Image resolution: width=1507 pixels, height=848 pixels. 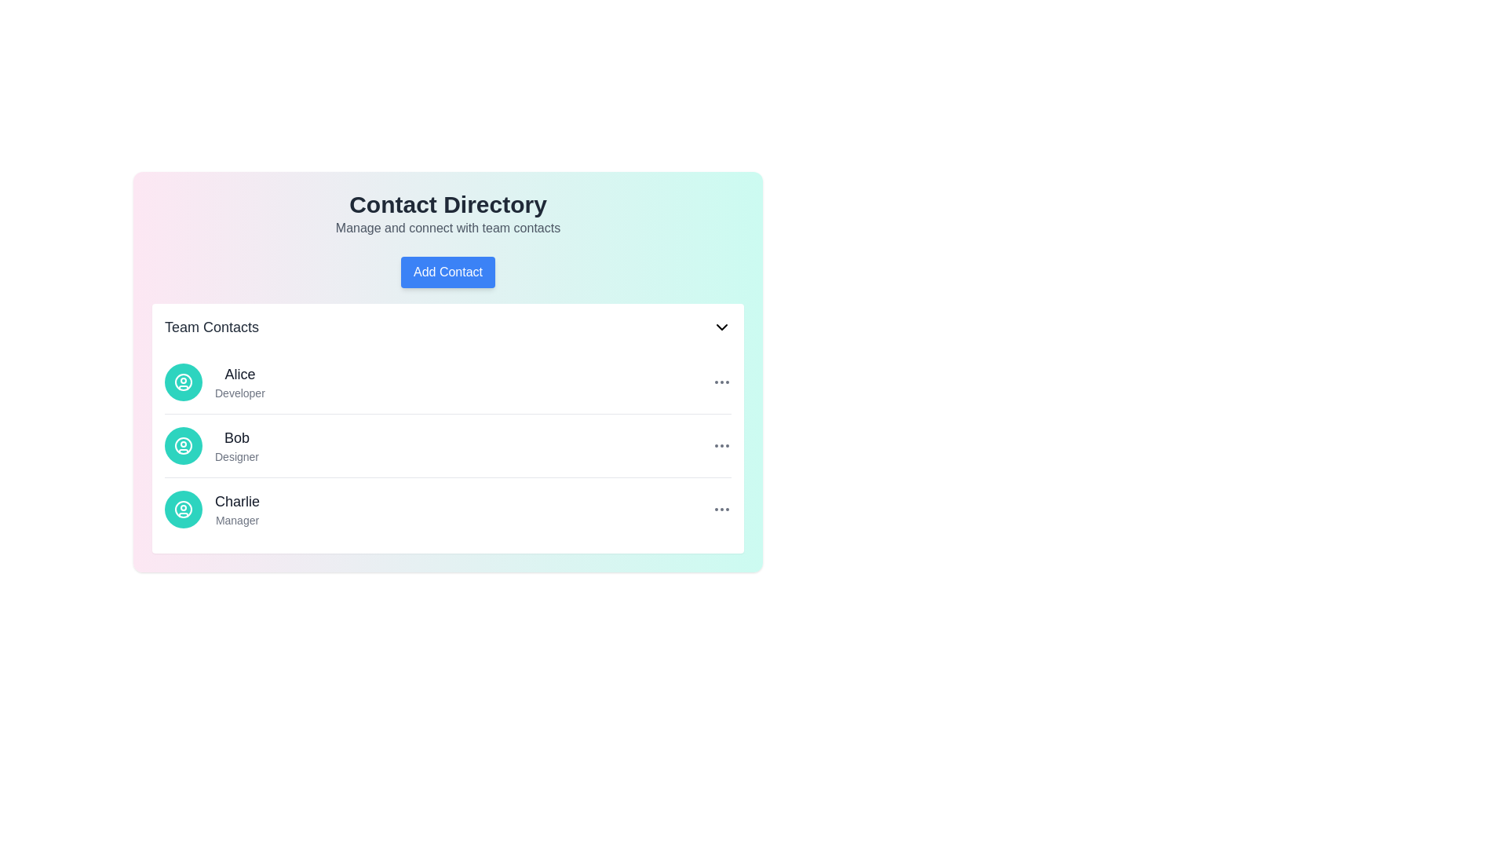 What do you see at coordinates (721, 445) in the screenshot?
I see `the vertical ellipsis icon button associated with the 'Bob' entry in the 'Team Contacts' section` at bounding box center [721, 445].